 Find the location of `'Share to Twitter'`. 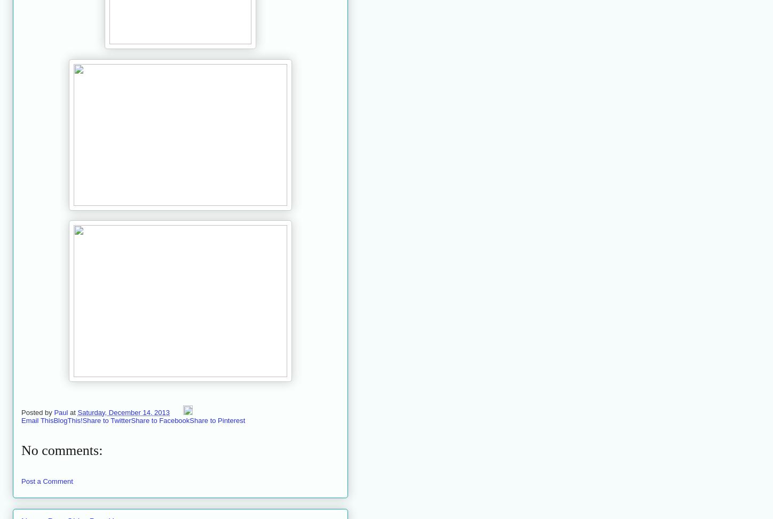

'Share to Twitter' is located at coordinates (106, 419).